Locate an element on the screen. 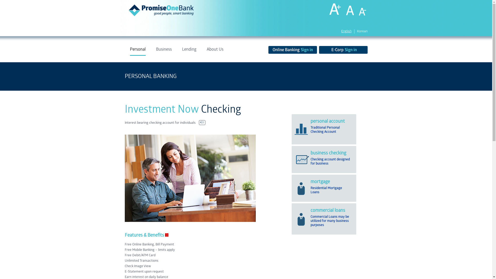 This screenshot has width=496, height=279. 'About Us' is located at coordinates (215, 51).